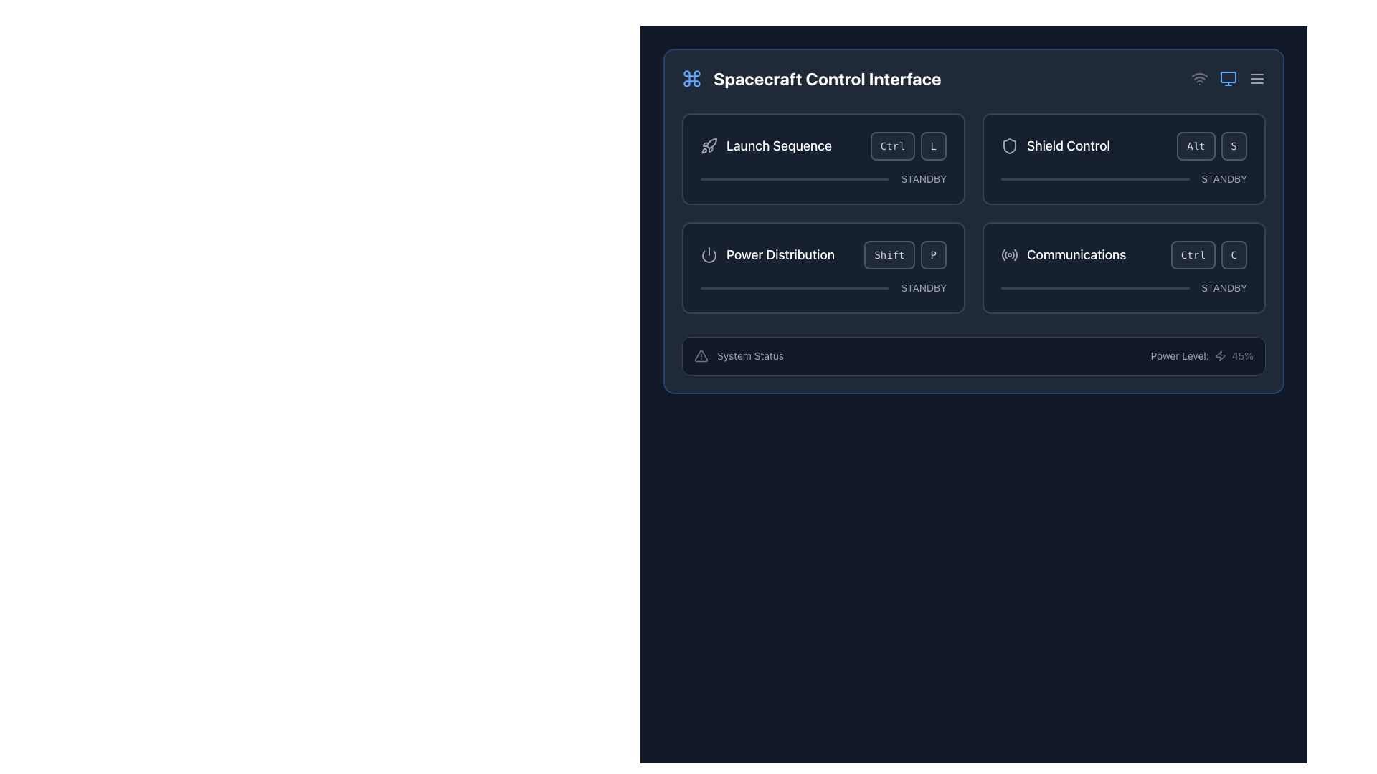 This screenshot has width=1377, height=774. What do you see at coordinates (1193, 254) in the screenshot?
I see `the 'Ctrl' button, a rectangular button with rounded edges and dark gray background, located within the 'Communications' card` at bounding box center [1193, 254].